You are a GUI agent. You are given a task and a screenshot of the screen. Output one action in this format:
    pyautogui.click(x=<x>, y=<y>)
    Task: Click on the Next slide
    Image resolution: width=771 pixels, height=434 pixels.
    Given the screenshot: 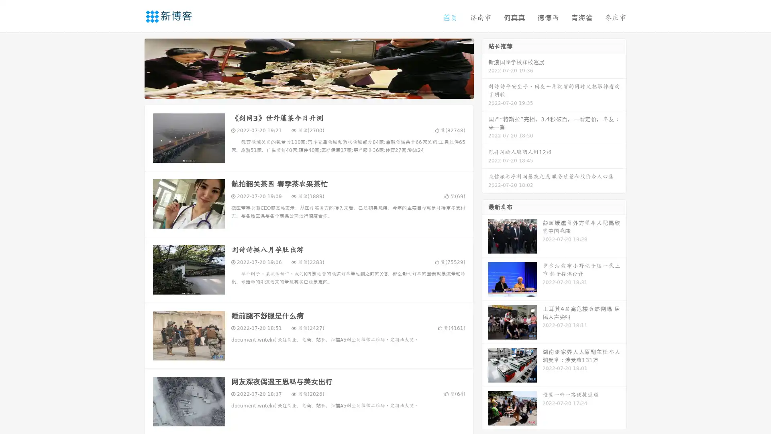 What is the action you would take?
    pyautogui.click(x=485, y=68)
    